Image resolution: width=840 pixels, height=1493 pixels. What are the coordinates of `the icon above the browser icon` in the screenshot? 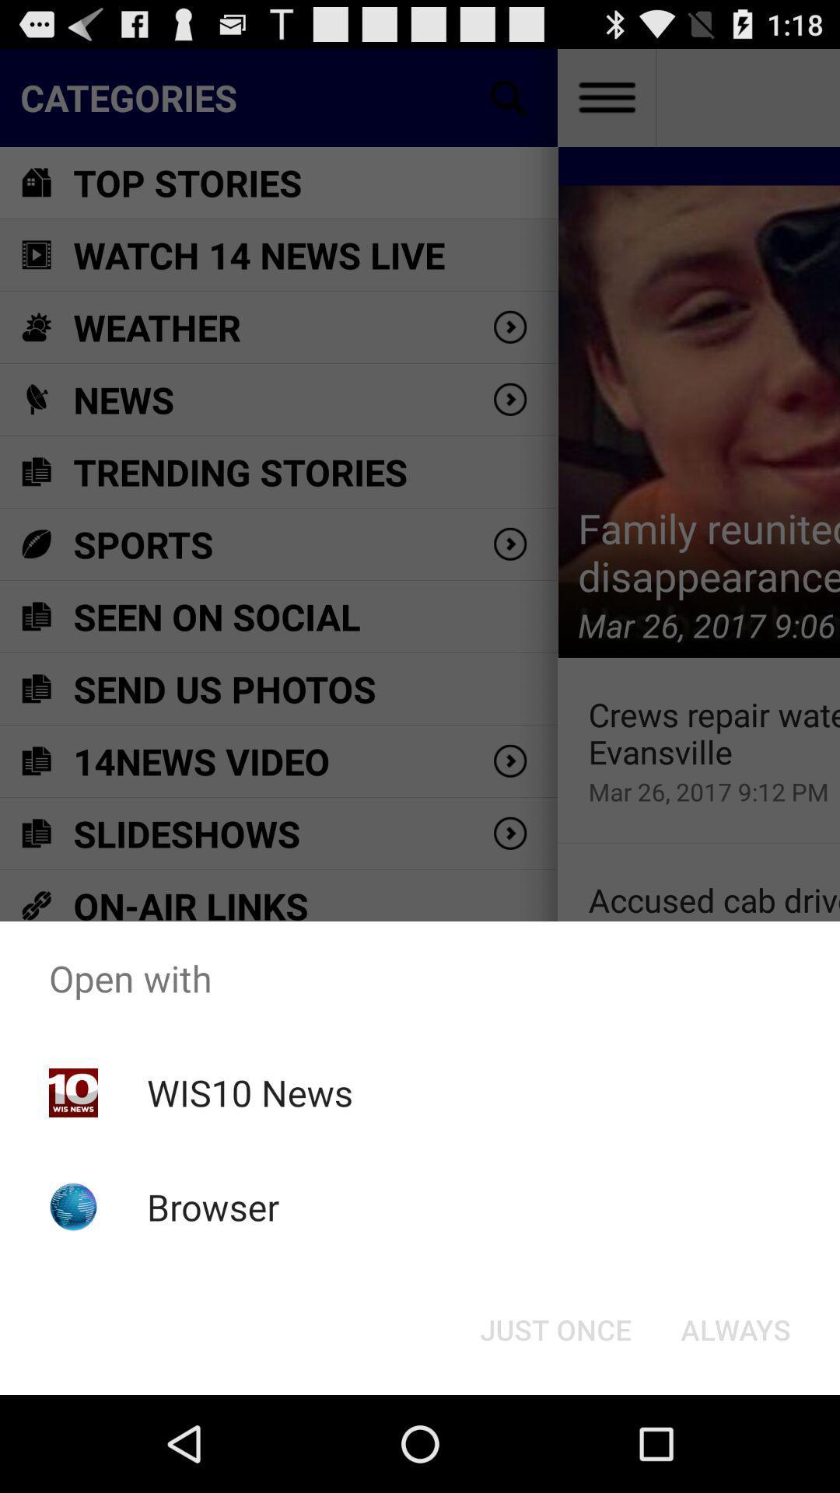 It's located at (249, 1092).